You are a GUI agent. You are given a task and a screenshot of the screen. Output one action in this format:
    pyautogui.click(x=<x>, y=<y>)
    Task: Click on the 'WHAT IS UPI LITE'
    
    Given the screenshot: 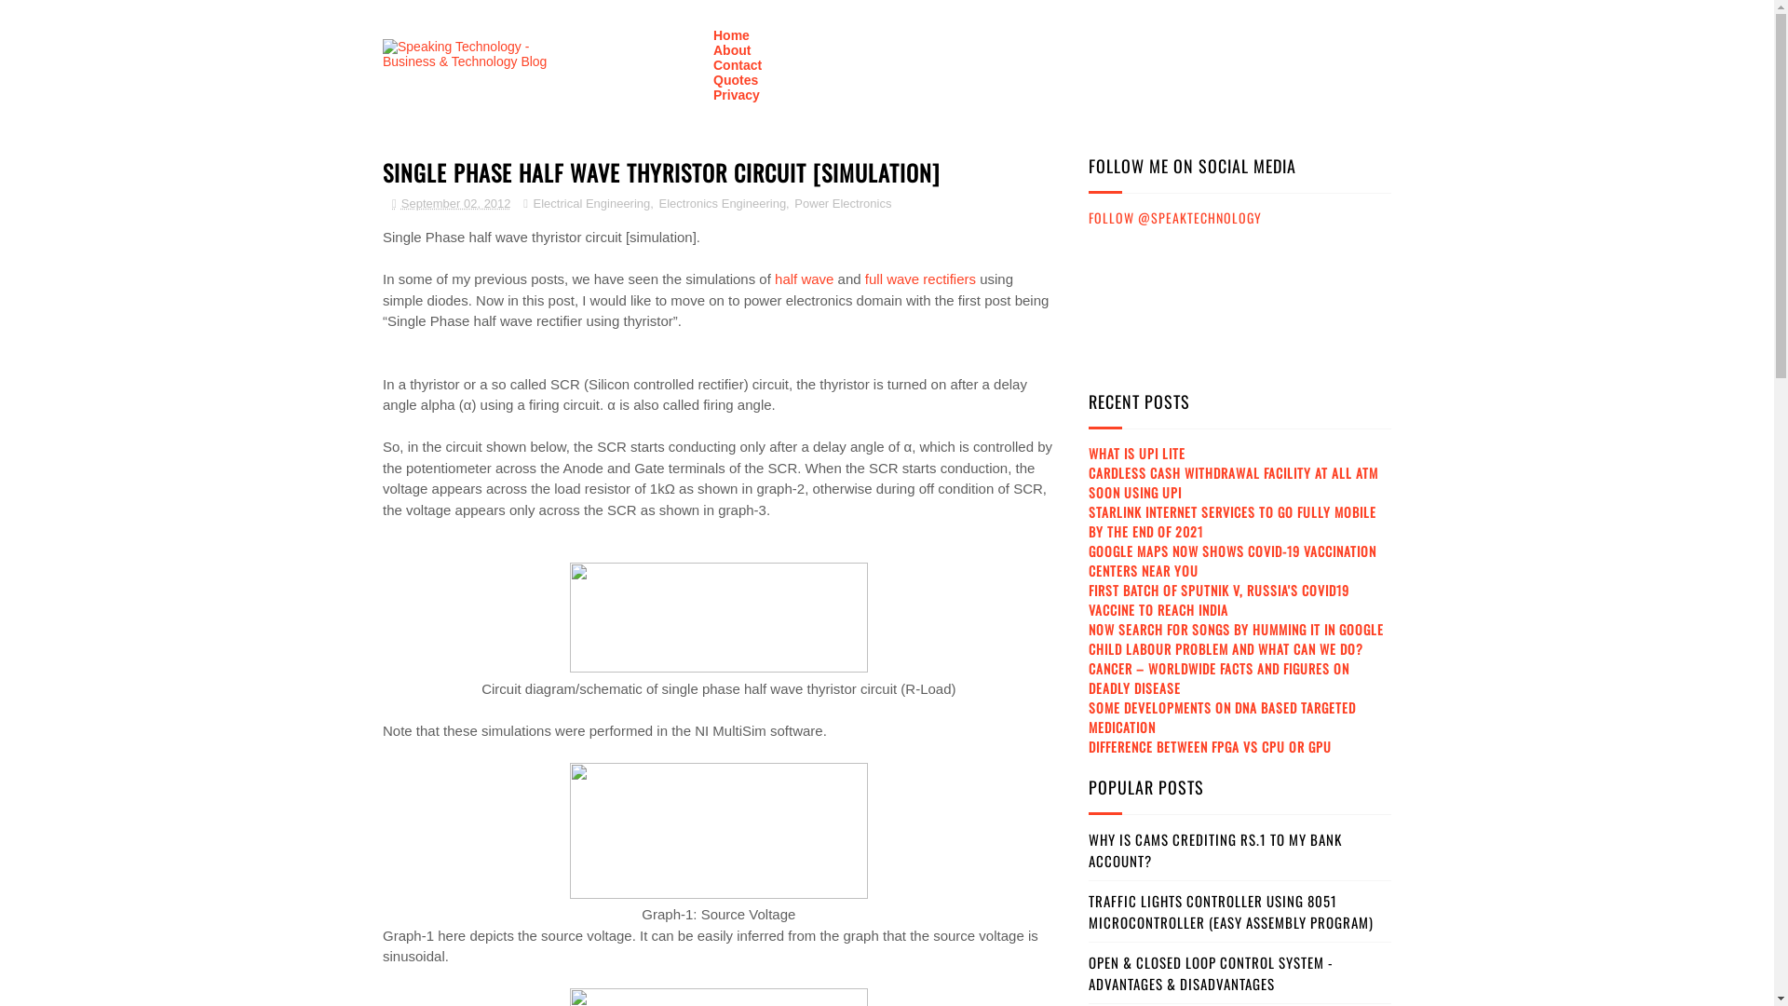 What is the action you would take?
    pyautogui.click(x=1135, y=453)
    